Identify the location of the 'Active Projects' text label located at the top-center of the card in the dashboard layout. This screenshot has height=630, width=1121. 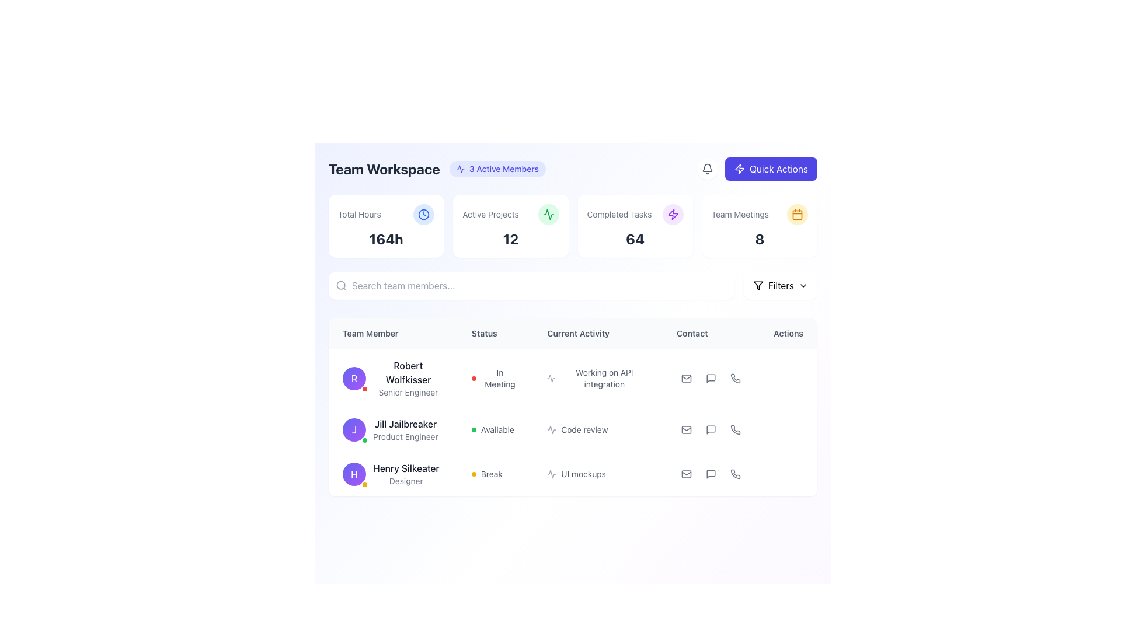
(510, 214).